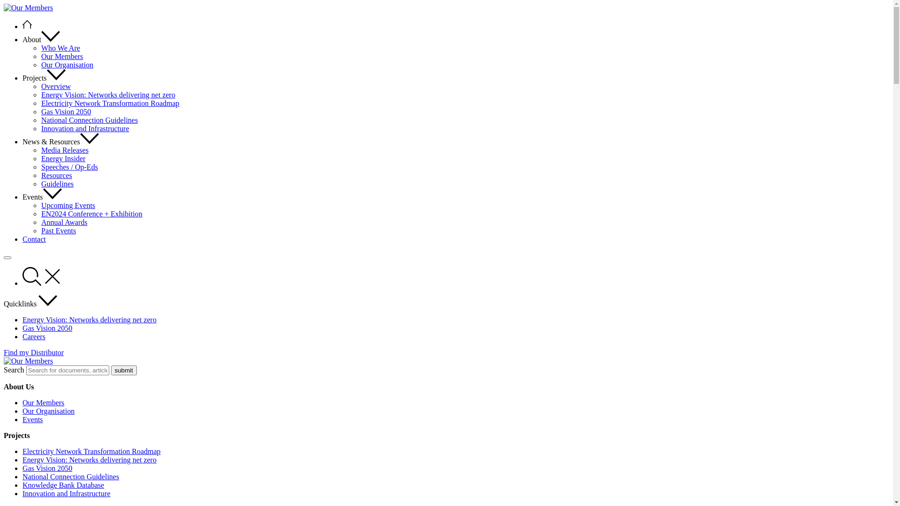  What do you see at coordinates (40, 39) in the screenshot?
I see `'About'` at bounding box center [40, 39].